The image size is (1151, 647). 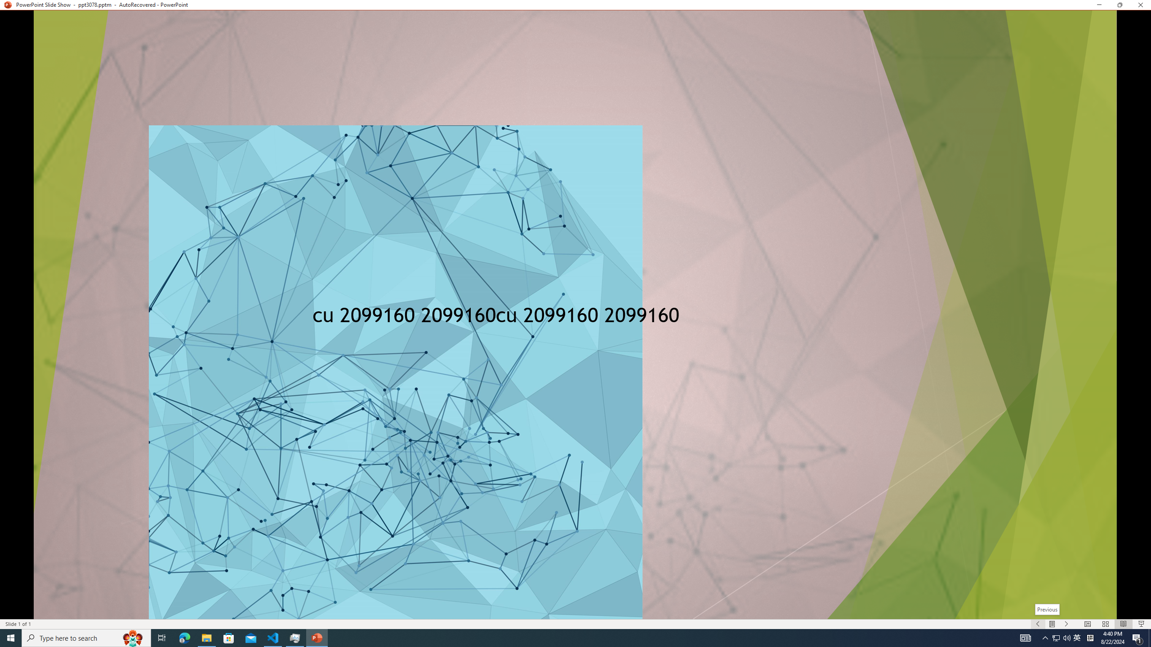 What do you see at coordinates (1047, 609) in the screenshot?
I see `'Previous'` at bounding box center [1047, 609].